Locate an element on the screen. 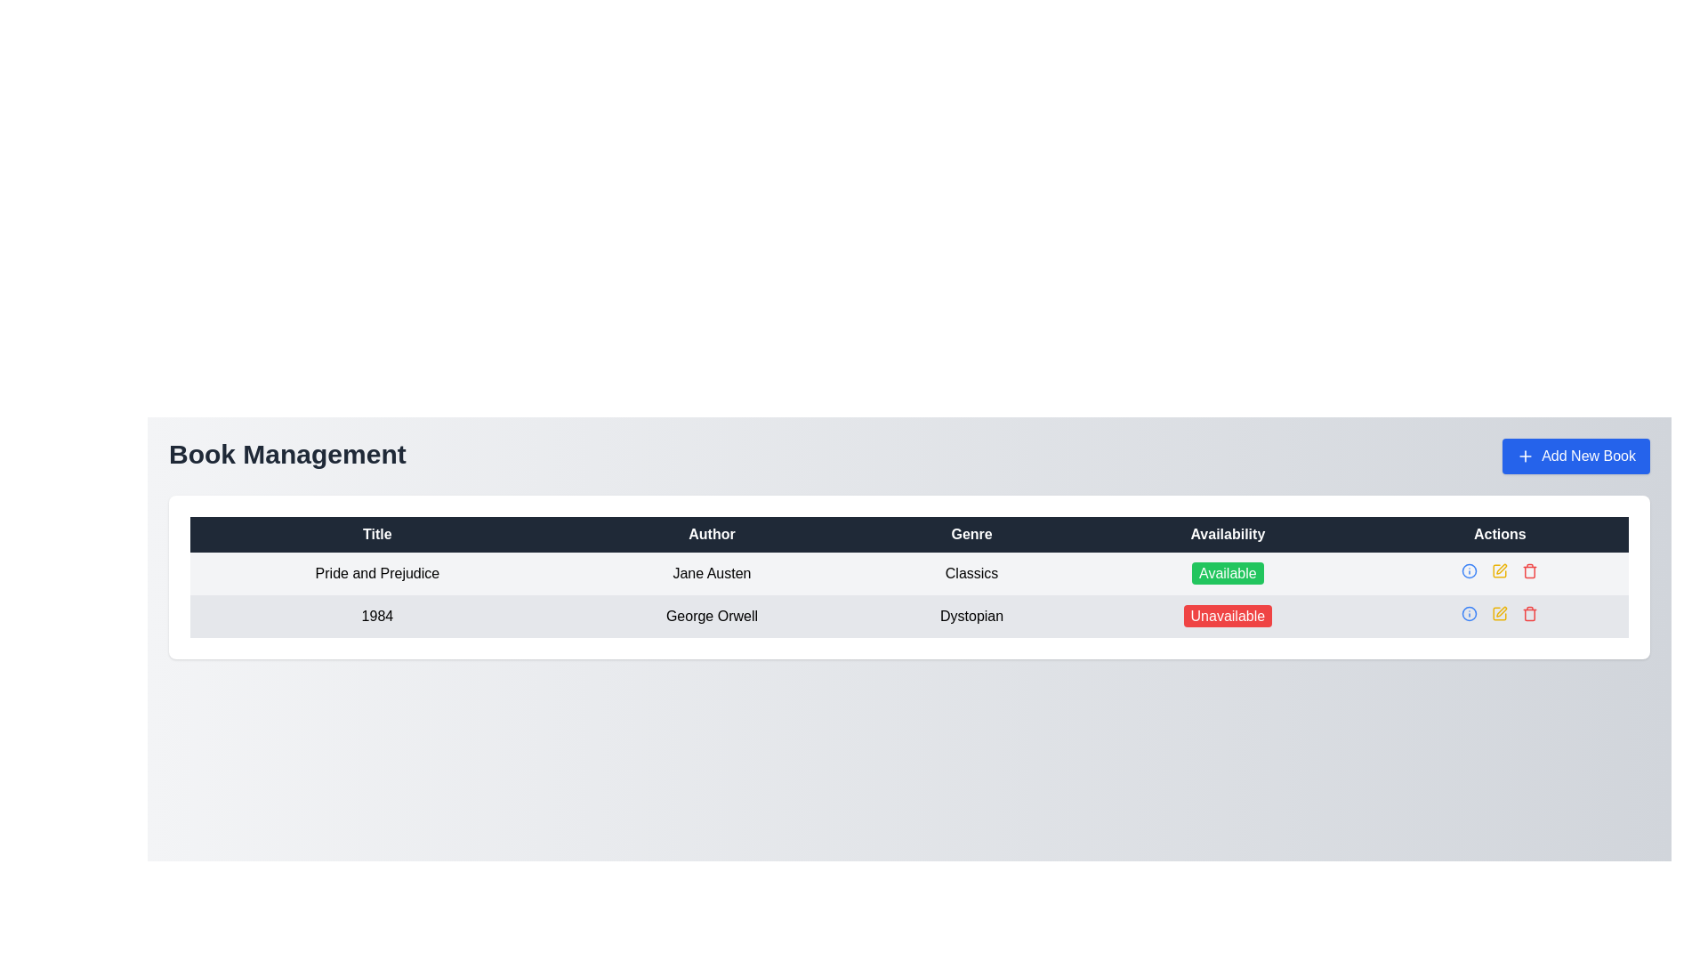 The width and height of the screenshot is (1708, 961). the 'Availability' header in the table which indicates the availability status of items listed below is located at coordinates (1227, 534).